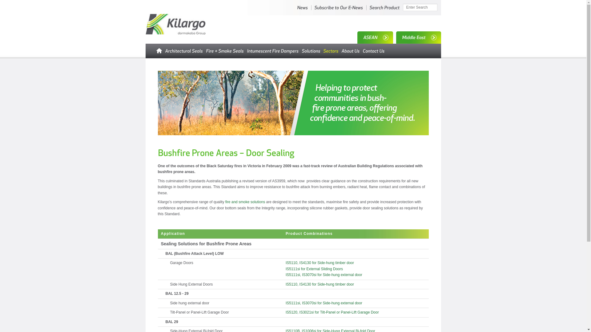 Image resolution: width=591 pixels, height=332 pixels. Describe the element at coordinates (10, 3) in the screenshot. I see `'Search'` at that location.